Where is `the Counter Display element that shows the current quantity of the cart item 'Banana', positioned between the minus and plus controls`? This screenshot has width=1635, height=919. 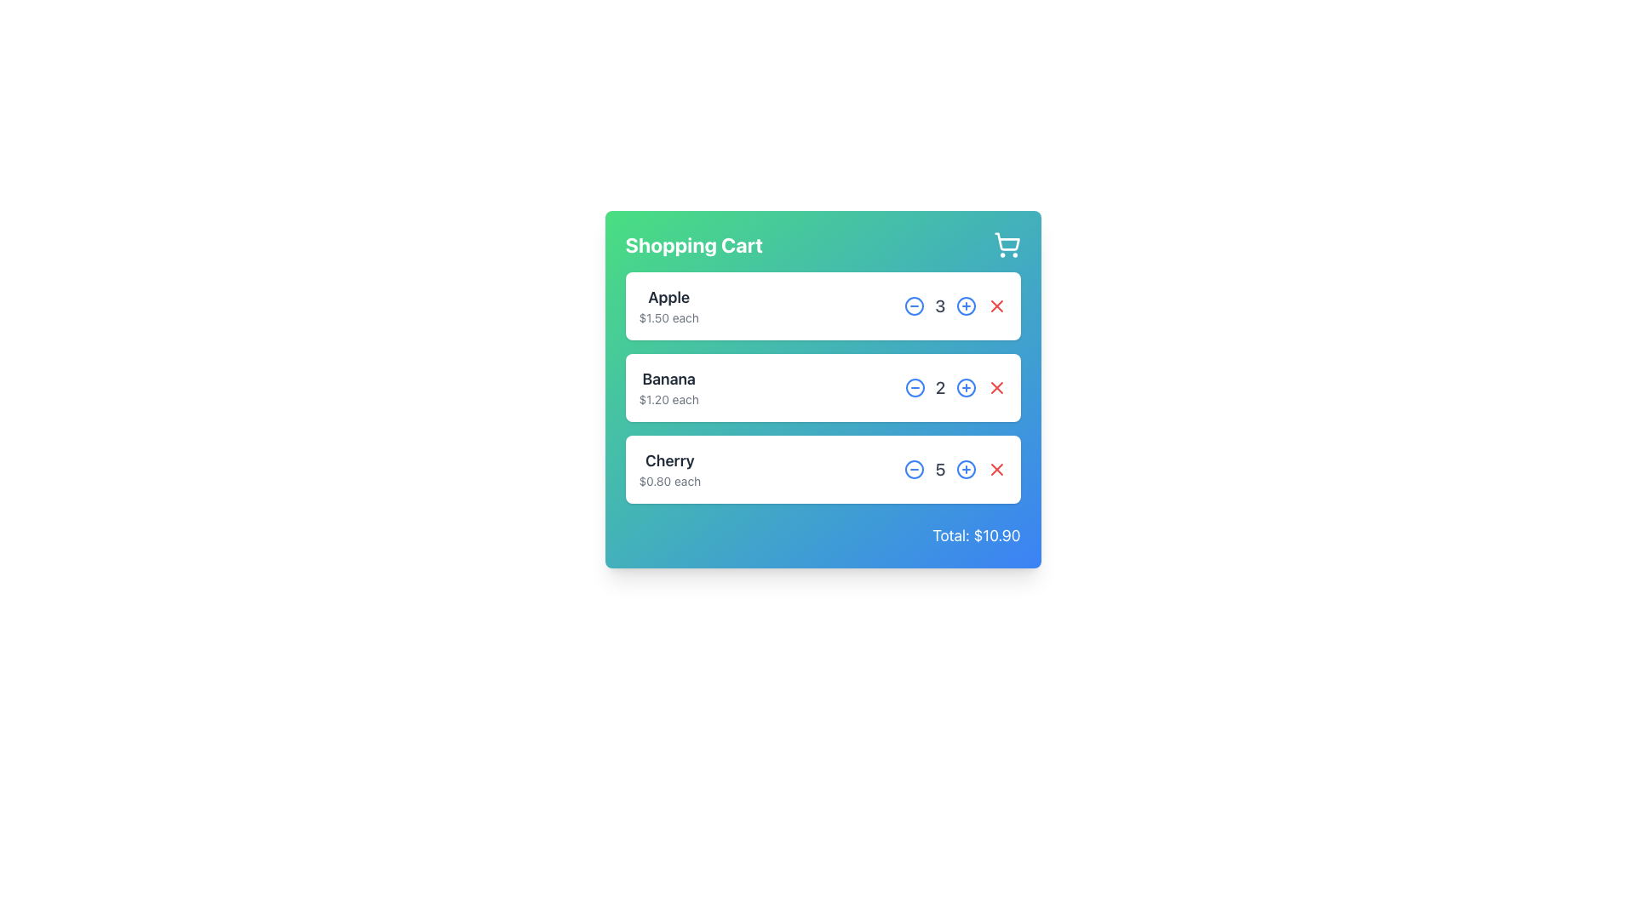 the Counter Display element that shows the current quantity of the cart item 'Banana', positioned between the minus and plus controls is located at coordinates (939, 387).